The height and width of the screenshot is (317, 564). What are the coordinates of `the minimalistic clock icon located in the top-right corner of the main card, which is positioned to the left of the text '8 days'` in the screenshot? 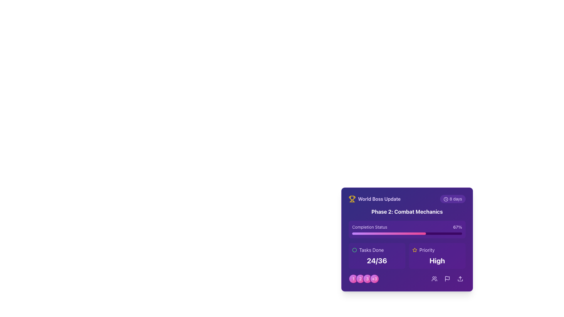 It's located at (446, 199).